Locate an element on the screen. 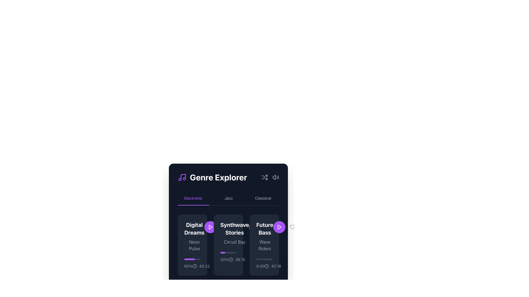 The height and width of the screenshot is (297, 529). the play button for the 'Future Bass' music track, which is located at the bottom-right corner of the 'Future Bass' card is located at coordinates (279, 227).